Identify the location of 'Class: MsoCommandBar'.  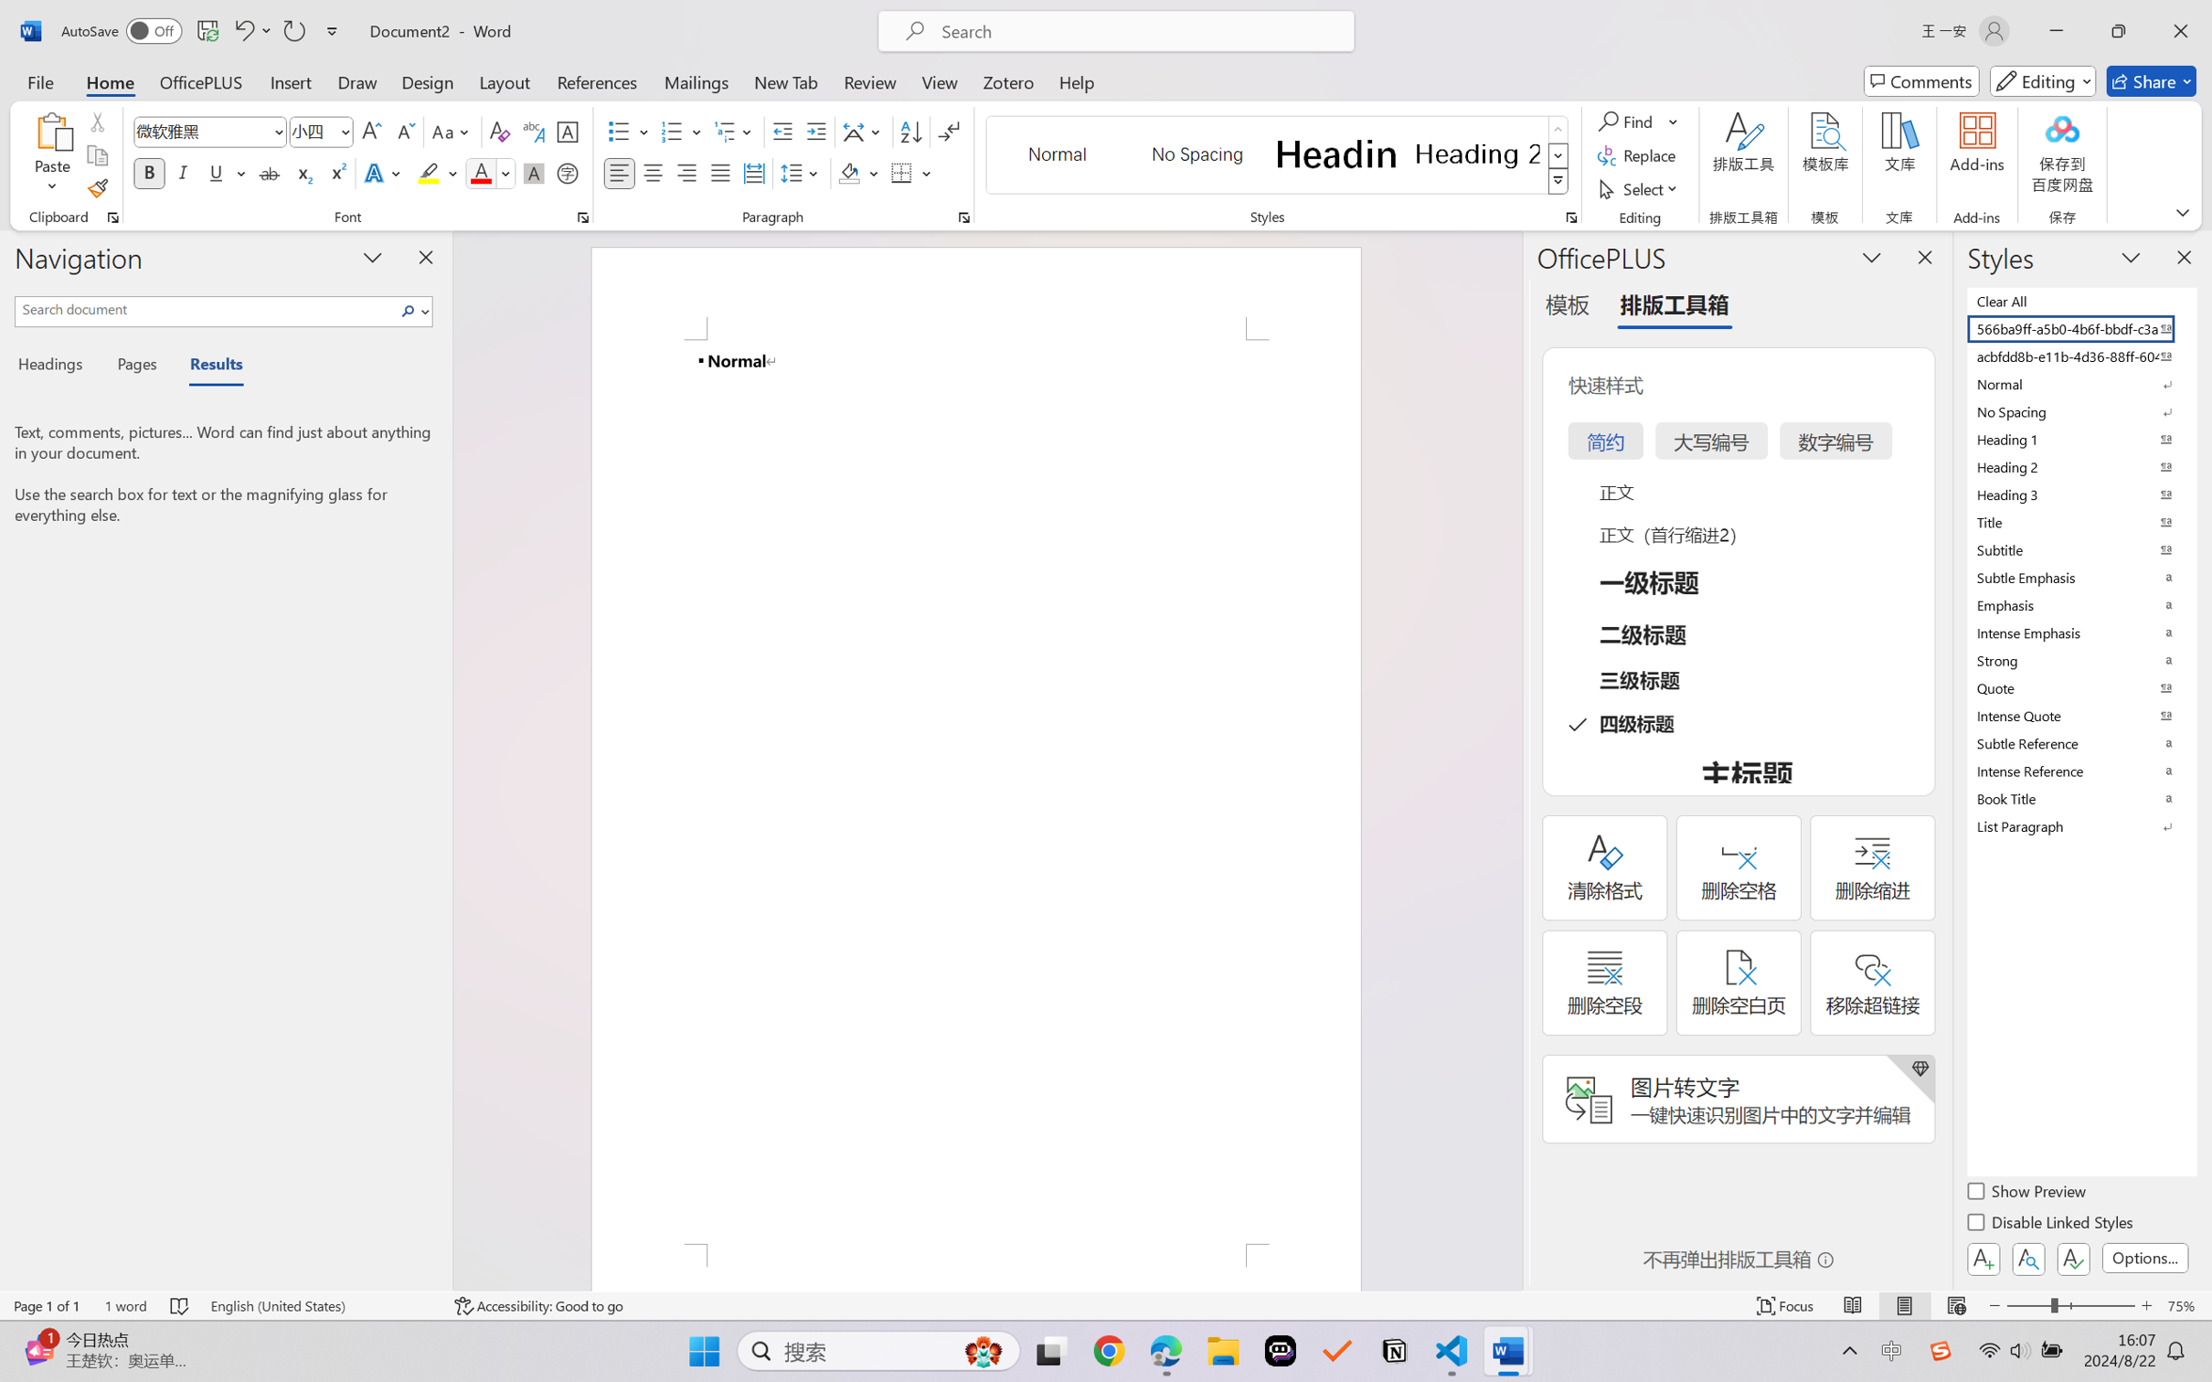
(1106, 1305).